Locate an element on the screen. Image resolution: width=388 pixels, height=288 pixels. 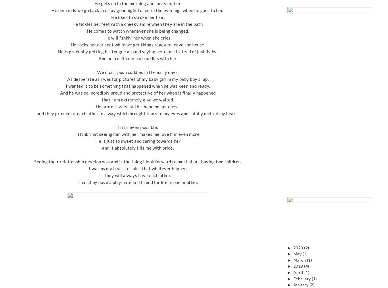
'2019' is located at coordinates (298, 266).